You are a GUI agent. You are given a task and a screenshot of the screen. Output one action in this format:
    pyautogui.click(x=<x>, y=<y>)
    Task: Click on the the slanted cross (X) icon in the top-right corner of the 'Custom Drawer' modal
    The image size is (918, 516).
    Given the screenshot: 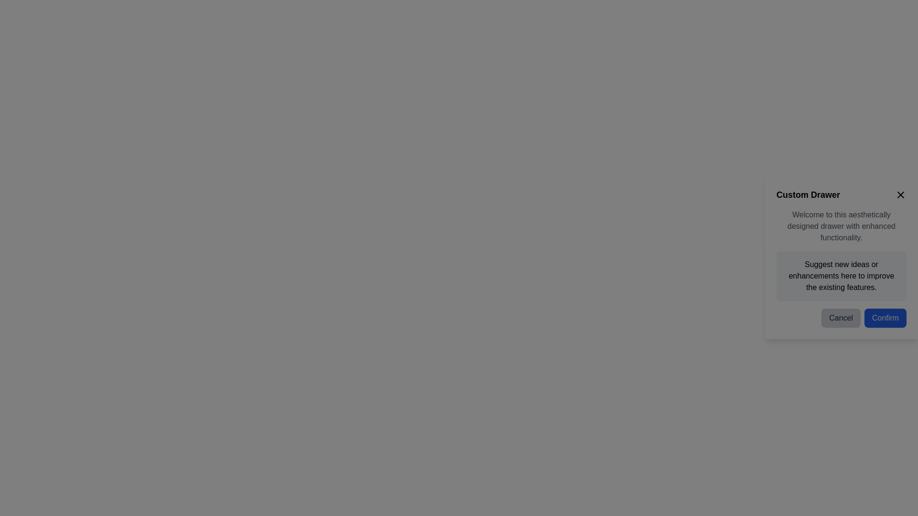 What is the action you would take?
    pyautogui.click(x=900, y=194)
    